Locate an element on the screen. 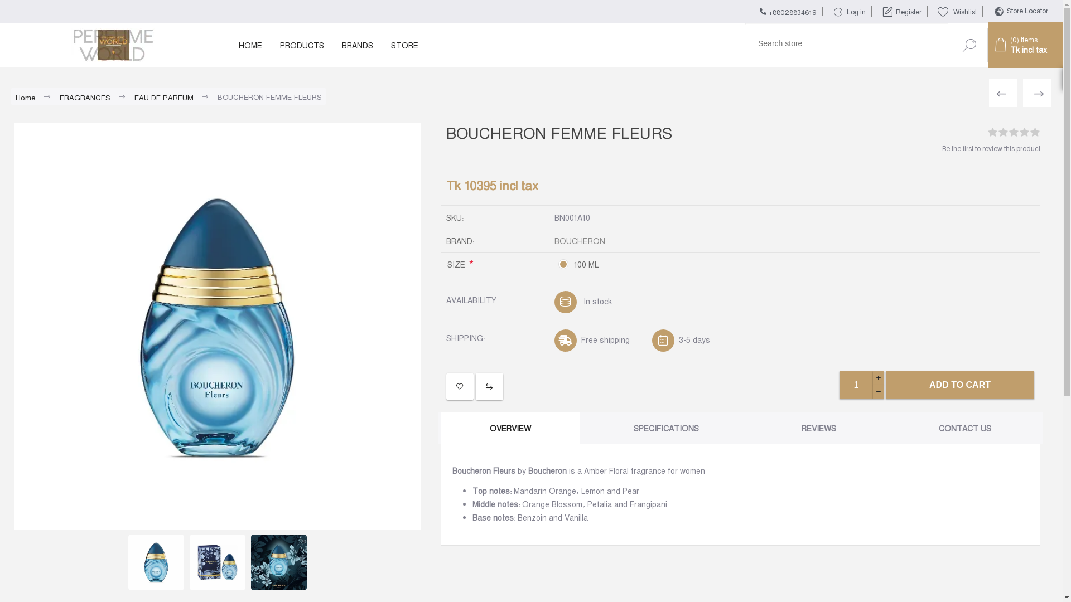  'BOUCHERON JAIPUR BOUQUET' is located at coordinates (1003, 92).